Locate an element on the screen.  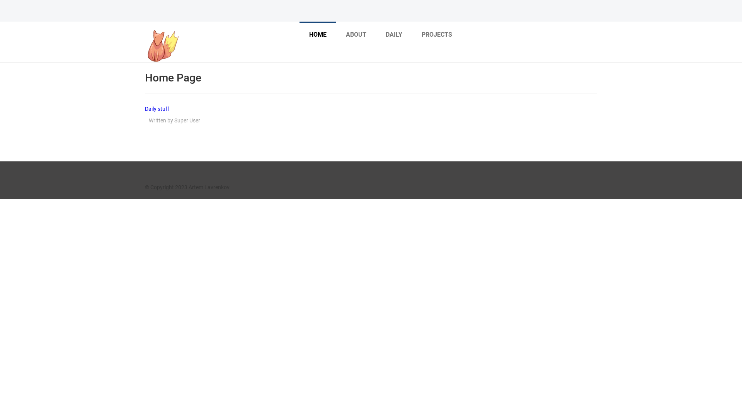
'ABOUT' is located at coordinates (356, 34).